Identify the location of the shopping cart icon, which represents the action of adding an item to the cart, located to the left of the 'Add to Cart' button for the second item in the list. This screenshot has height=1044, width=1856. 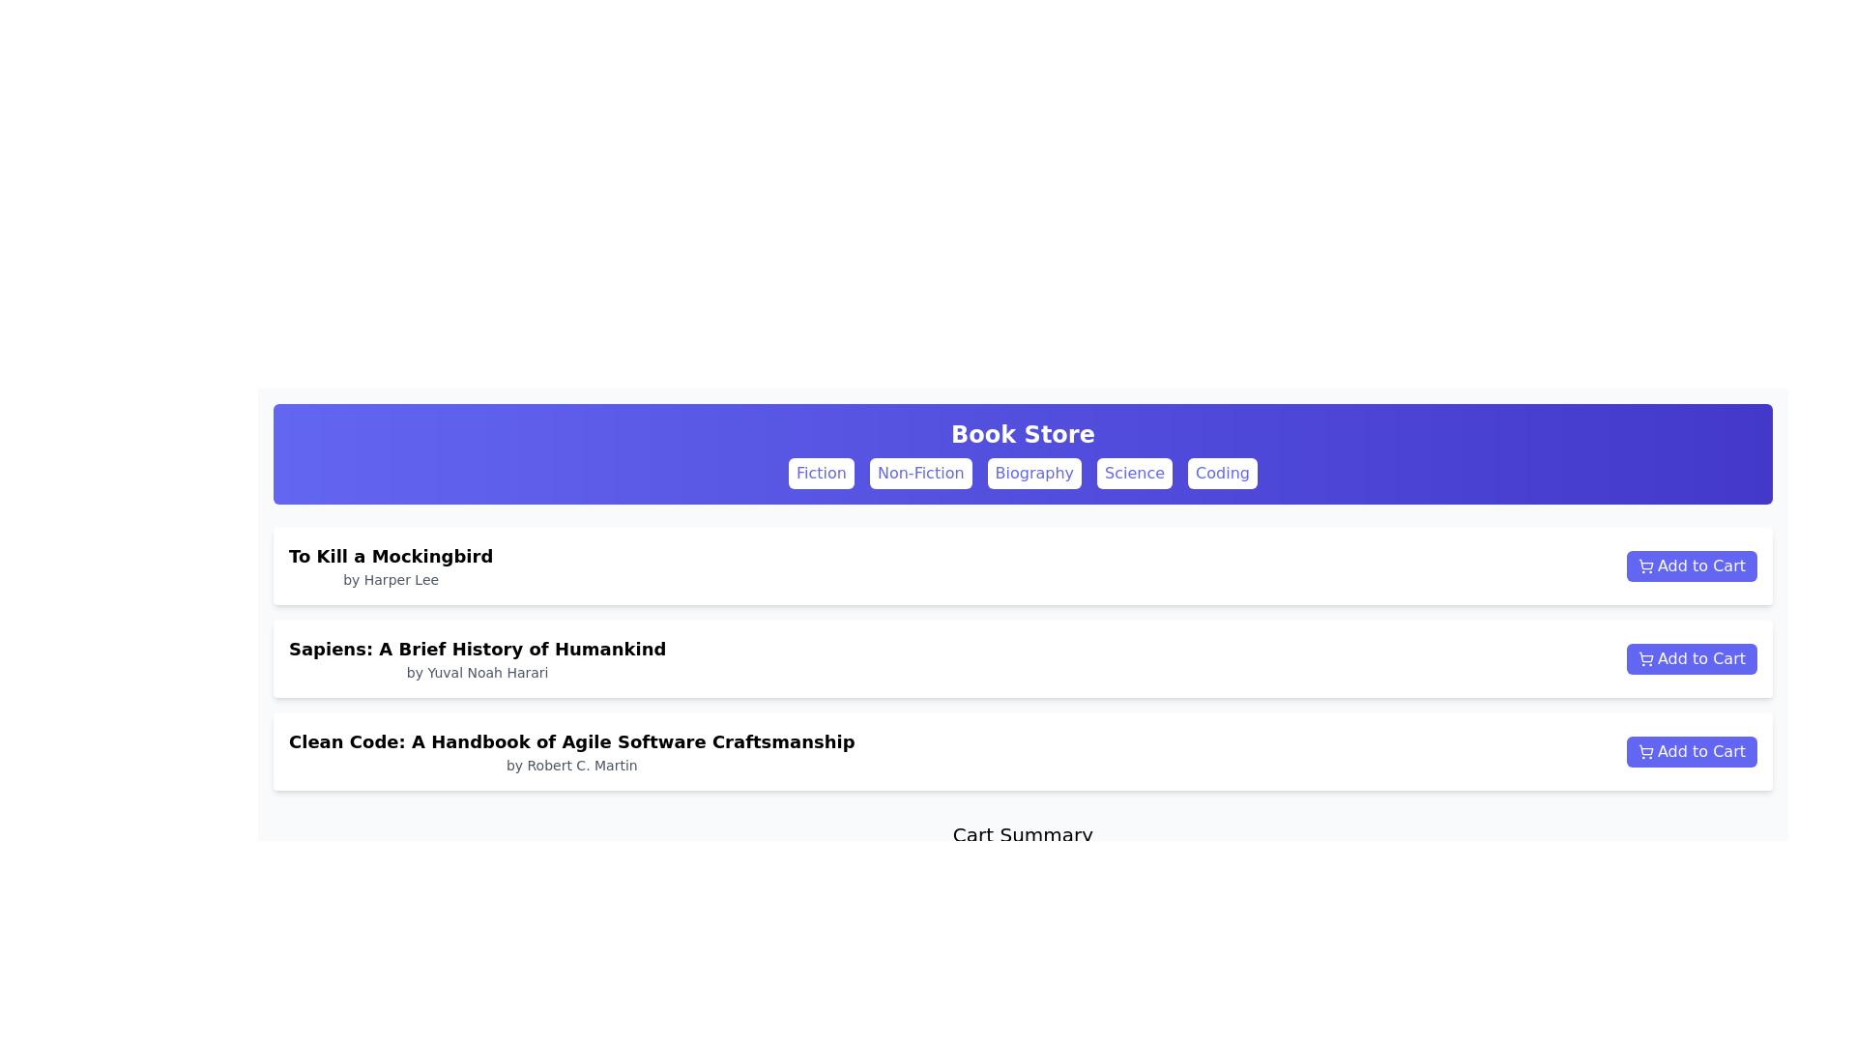
(1644, 655).